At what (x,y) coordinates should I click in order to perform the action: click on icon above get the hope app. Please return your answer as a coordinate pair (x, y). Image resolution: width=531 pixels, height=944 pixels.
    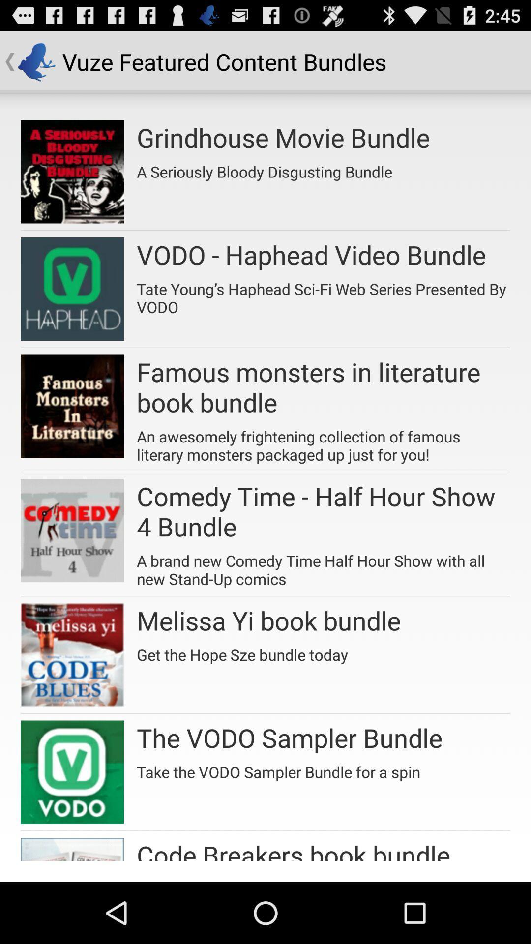
    Looking at the image, I should click on (268, 619).